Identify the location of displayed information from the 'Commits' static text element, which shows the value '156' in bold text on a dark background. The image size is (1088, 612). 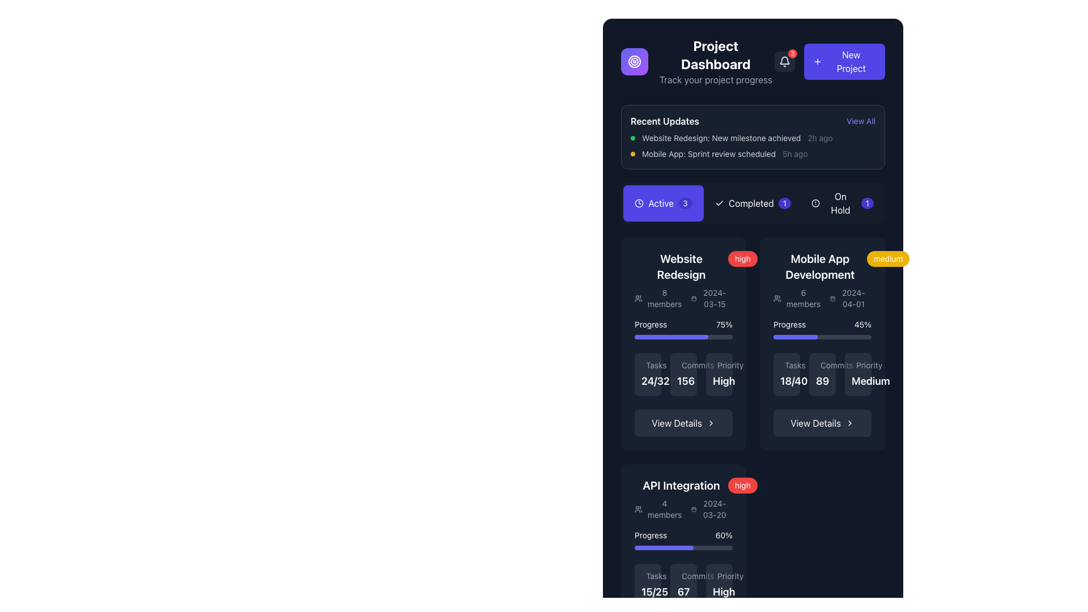
(683, 374).